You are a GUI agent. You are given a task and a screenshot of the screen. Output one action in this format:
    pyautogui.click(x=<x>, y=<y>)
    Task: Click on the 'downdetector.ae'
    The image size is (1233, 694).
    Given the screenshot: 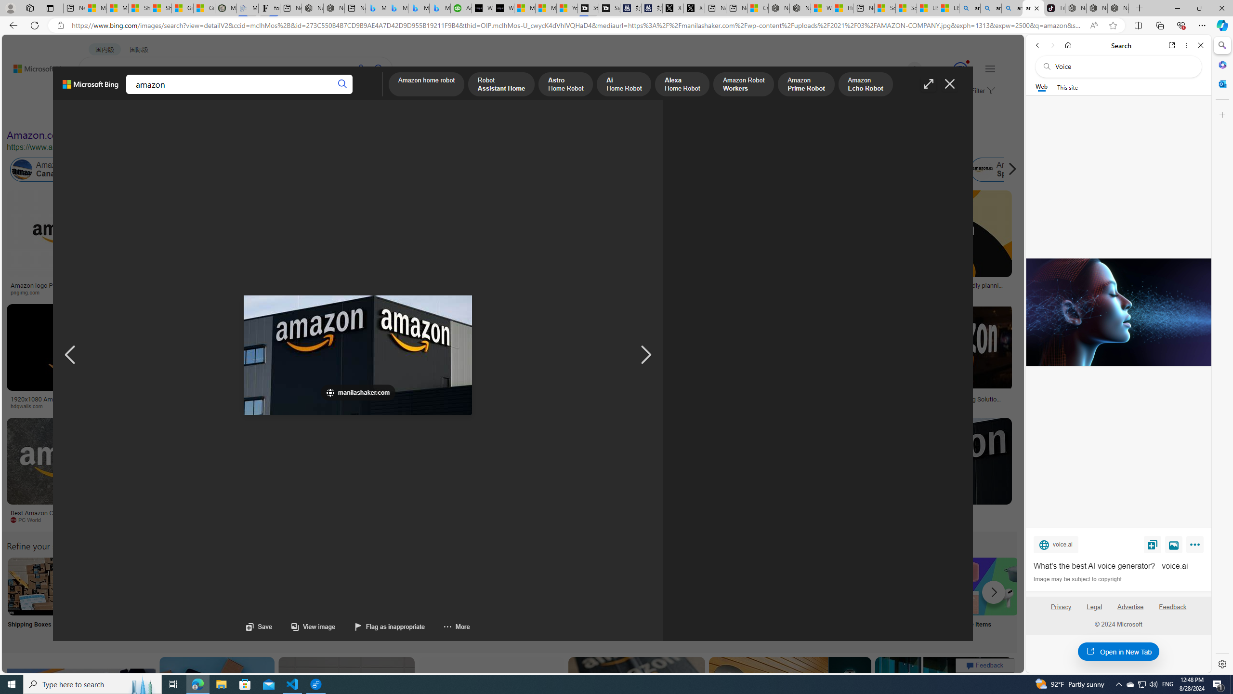 What is the action you would take?
    pyautogui.click(x=793, y=292)
    